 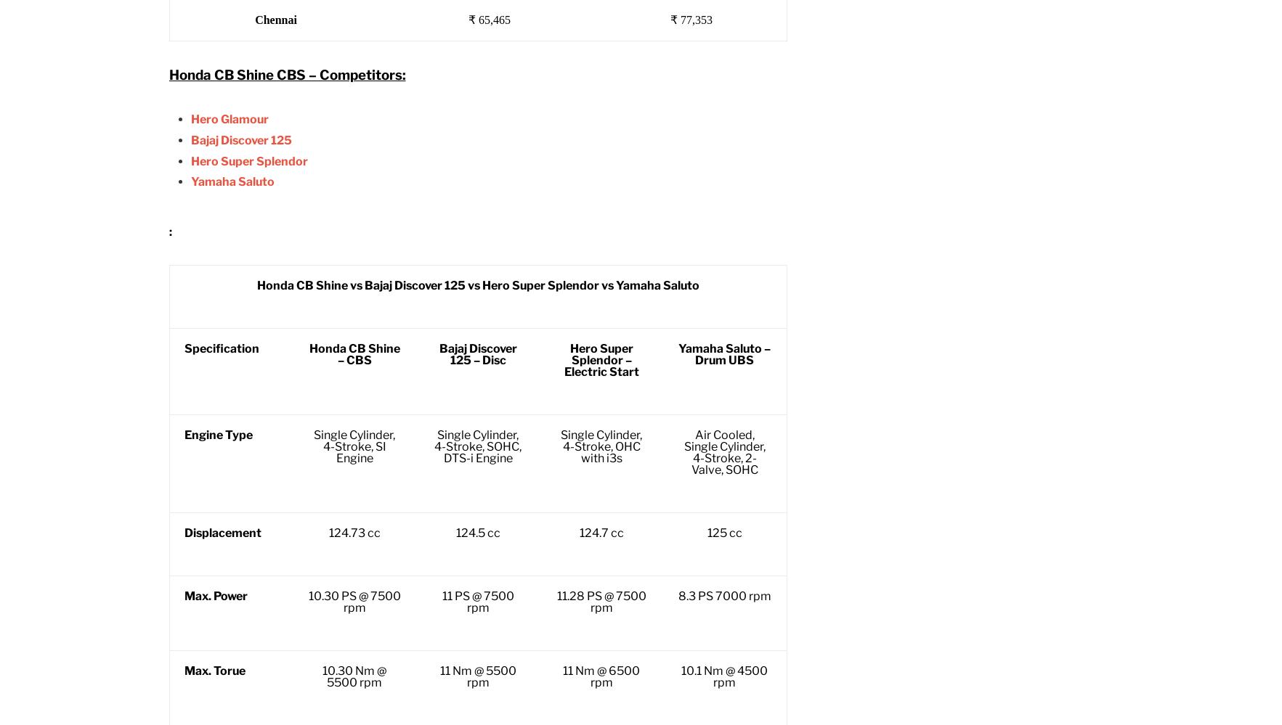 I want to click on 'Yamaha Saluto', so click(x=231, y=181).